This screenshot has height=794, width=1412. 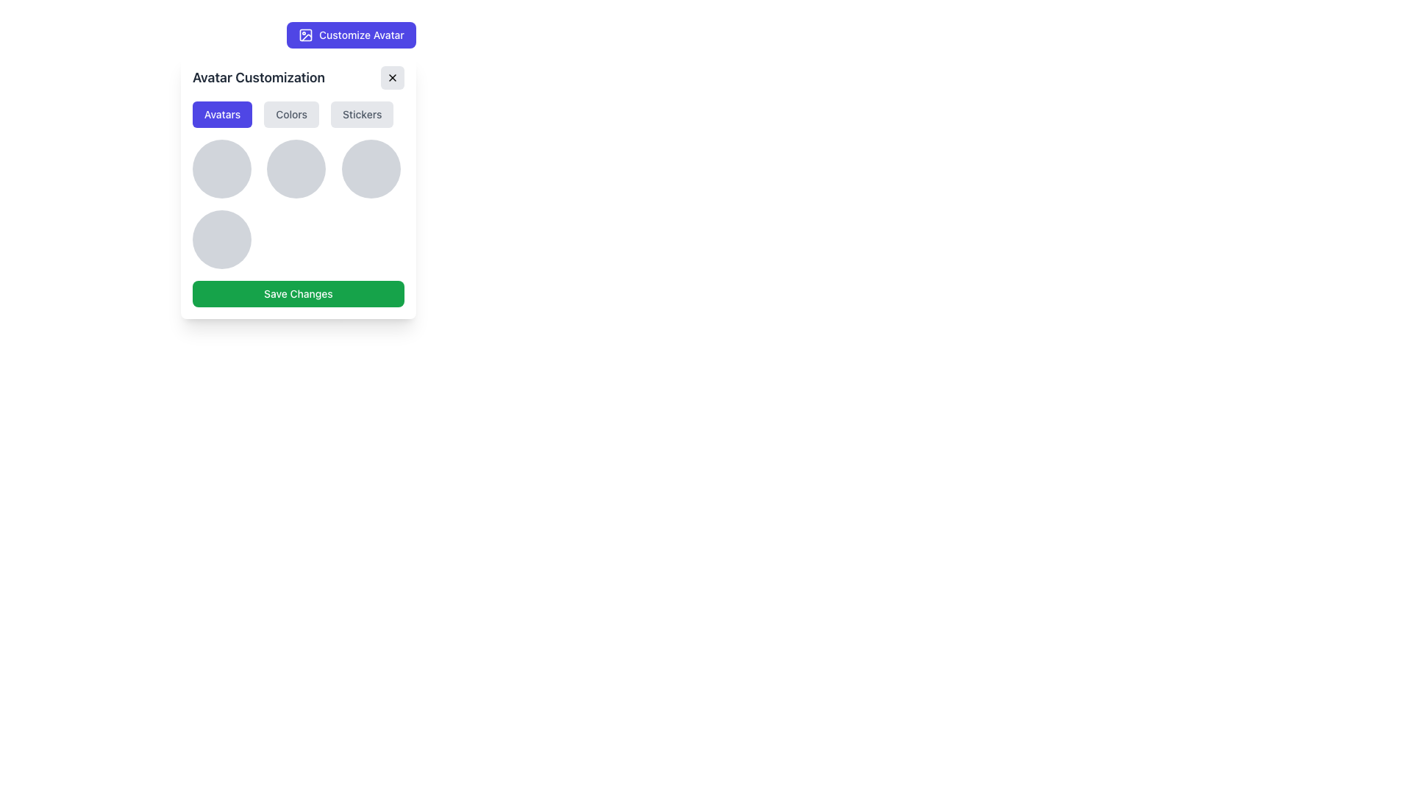 I want to click on the image placeholder for avatar customization, which is the second circle in the first row of the three-column grid layout, so click(x=296, y=168).